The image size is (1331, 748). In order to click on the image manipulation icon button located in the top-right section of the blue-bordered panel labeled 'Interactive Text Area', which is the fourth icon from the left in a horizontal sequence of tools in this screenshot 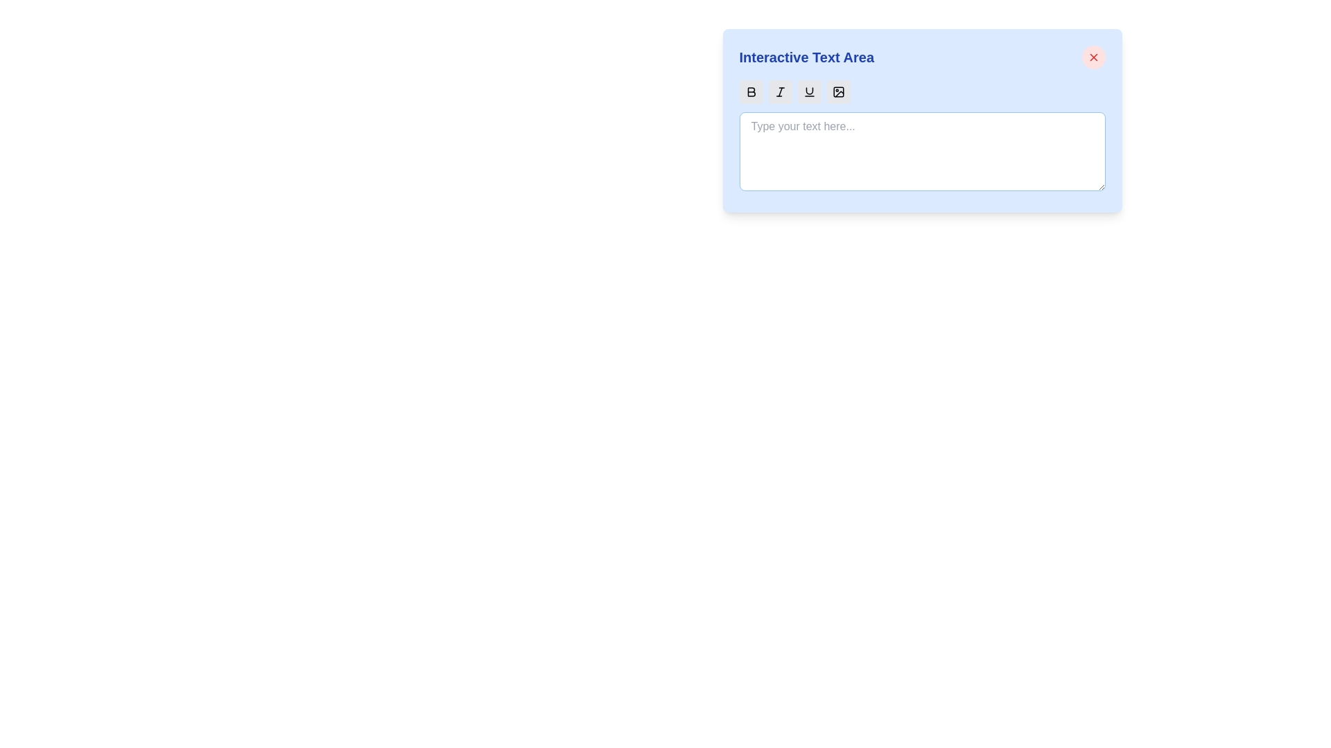, I will do `click(837, 91)`.